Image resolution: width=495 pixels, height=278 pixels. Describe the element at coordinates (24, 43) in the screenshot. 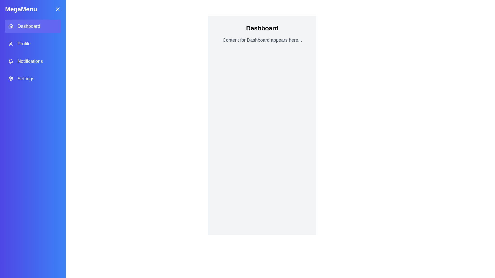

I see `text of the profile label located in the sidebar menu, which is the second item directly below 'Dashboard' and above 'Notifications', aligned with the user profile icon` at that location.